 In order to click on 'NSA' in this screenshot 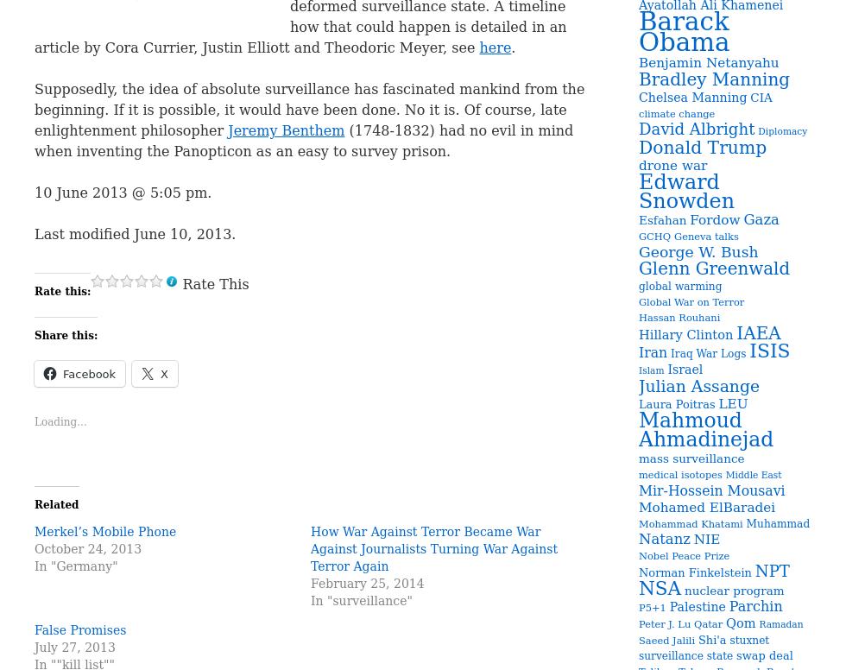, I will do `click(660, 588)`.